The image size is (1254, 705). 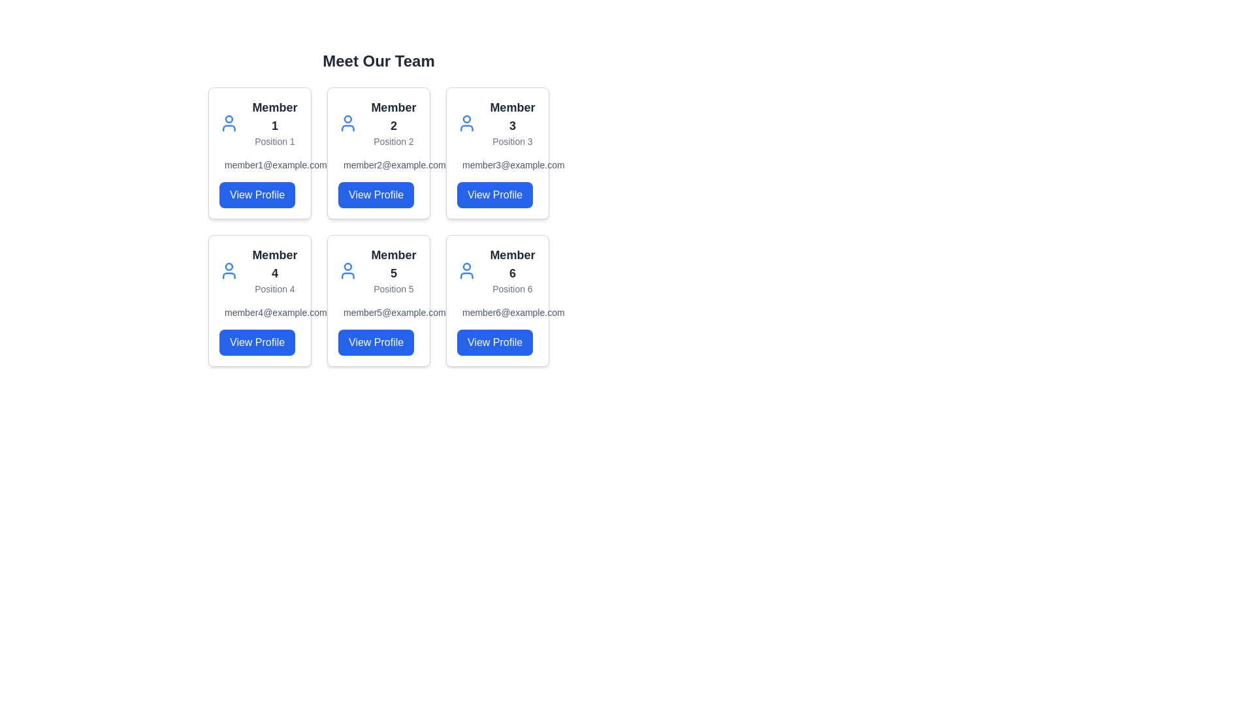 What do you see at coordinates (347, 275) in the screenshot?
I see `the lower portion of the user icon located at the top of the 'Member 5' profile card in the second row, middle column of the grid layout` at bounding box center [347, 275].